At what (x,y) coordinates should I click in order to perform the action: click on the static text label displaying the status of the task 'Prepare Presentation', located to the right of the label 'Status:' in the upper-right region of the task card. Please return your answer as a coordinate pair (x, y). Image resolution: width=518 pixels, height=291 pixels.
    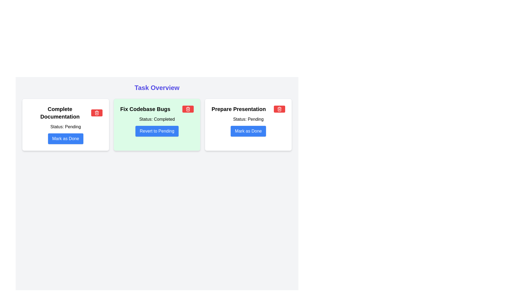
    Looking at the image, I should click on (255, 119).